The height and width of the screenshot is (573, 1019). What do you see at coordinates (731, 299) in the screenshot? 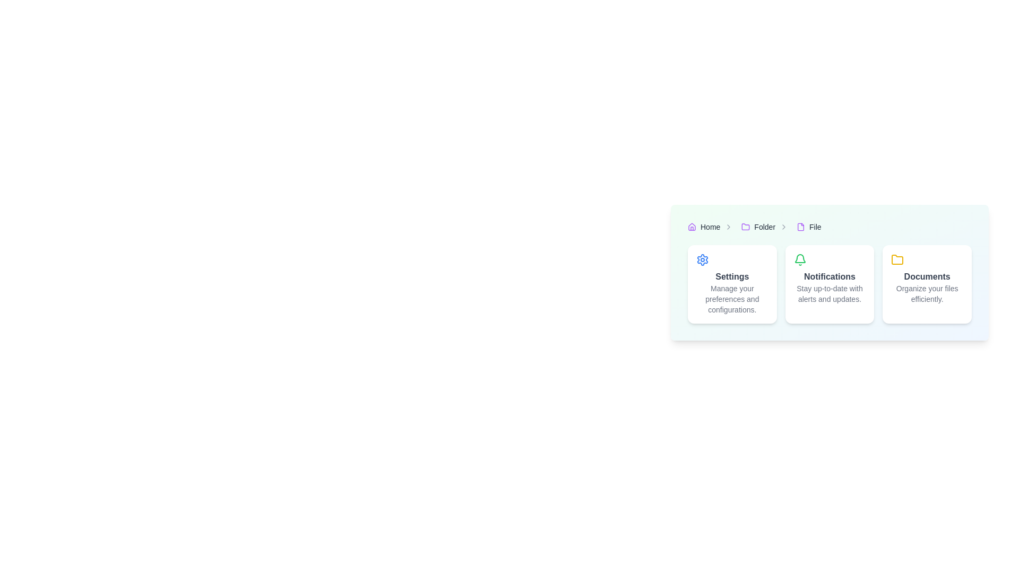
I see `information provided in the text label that says 'Manage your preferences and configurations.' located below the 'Settings' title text` at bounding box center [731, 299].